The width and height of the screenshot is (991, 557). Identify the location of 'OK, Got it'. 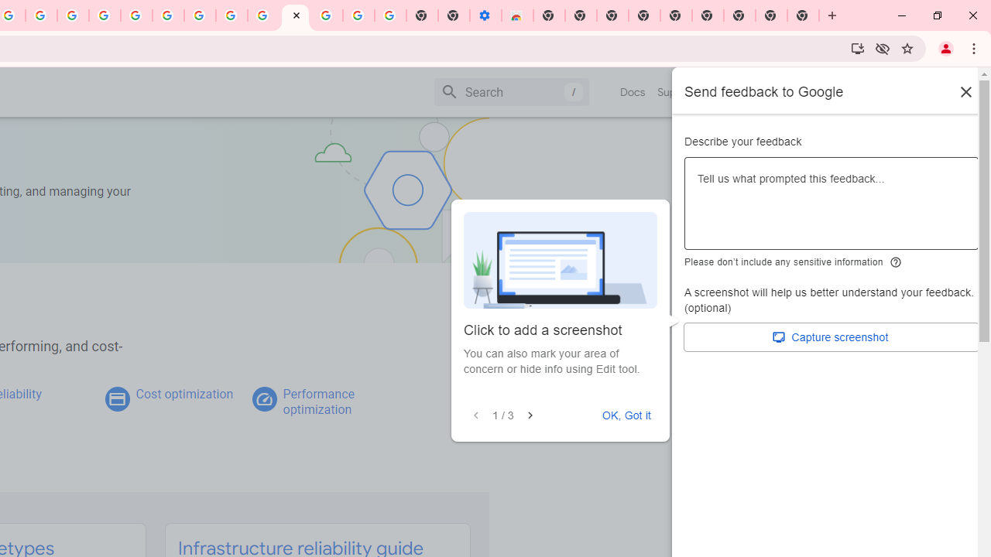
(626, 415).